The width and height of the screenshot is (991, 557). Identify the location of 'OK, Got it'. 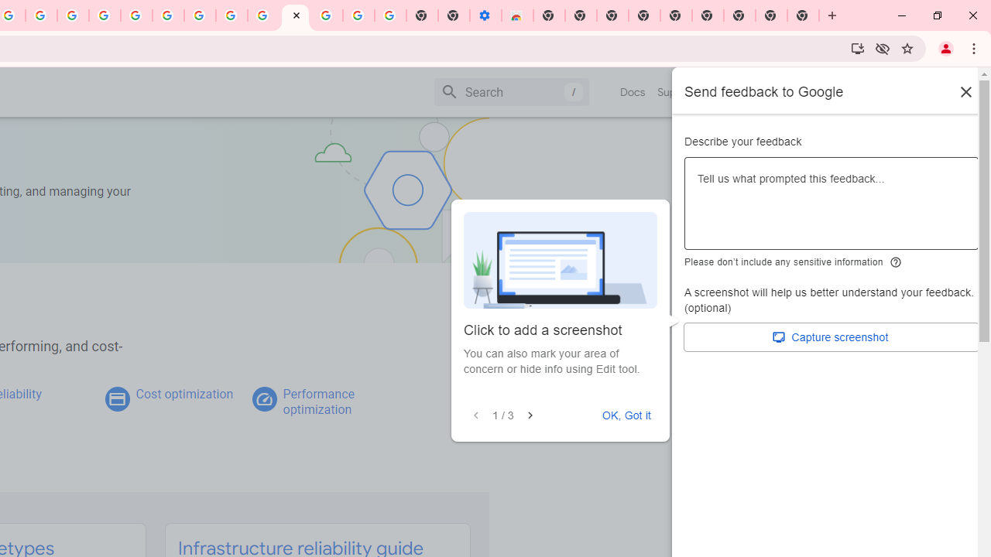
(626, 415).